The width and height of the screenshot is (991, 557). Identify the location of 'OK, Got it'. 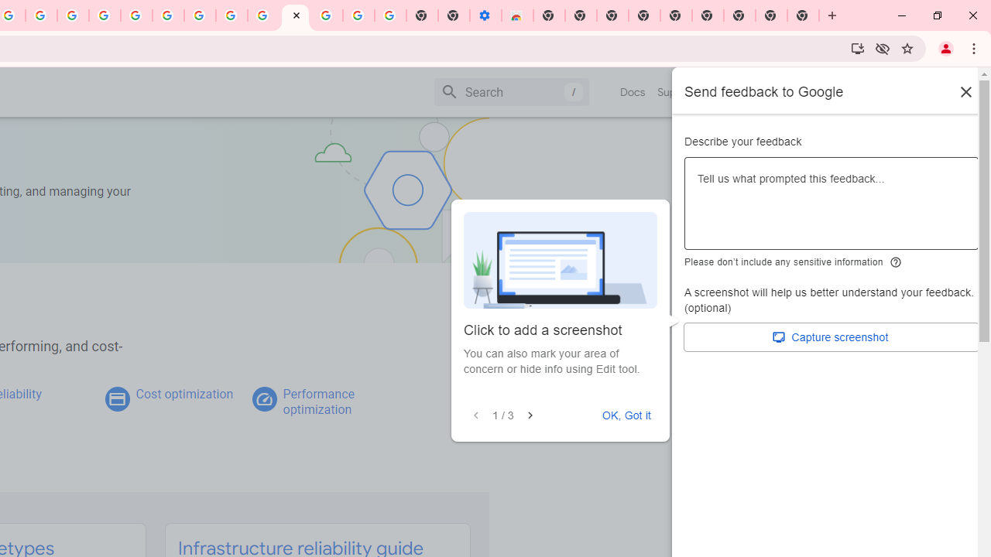
(626, 415).